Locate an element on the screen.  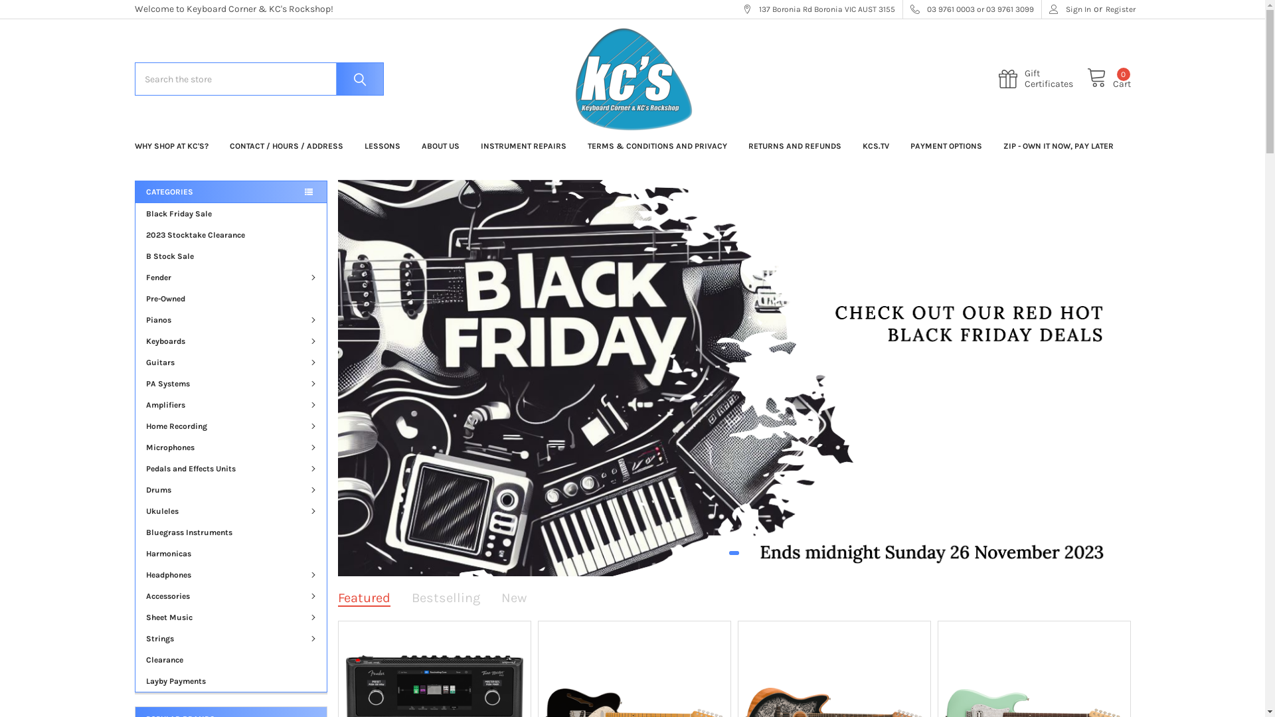
'2023 Stocktake Clearance' is located at coordinates (135, 234).